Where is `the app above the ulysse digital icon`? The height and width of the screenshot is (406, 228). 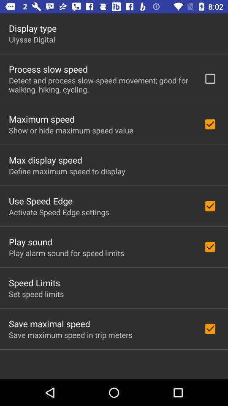
the app above the ulysse digital icon is located at coordinates (32, 28).